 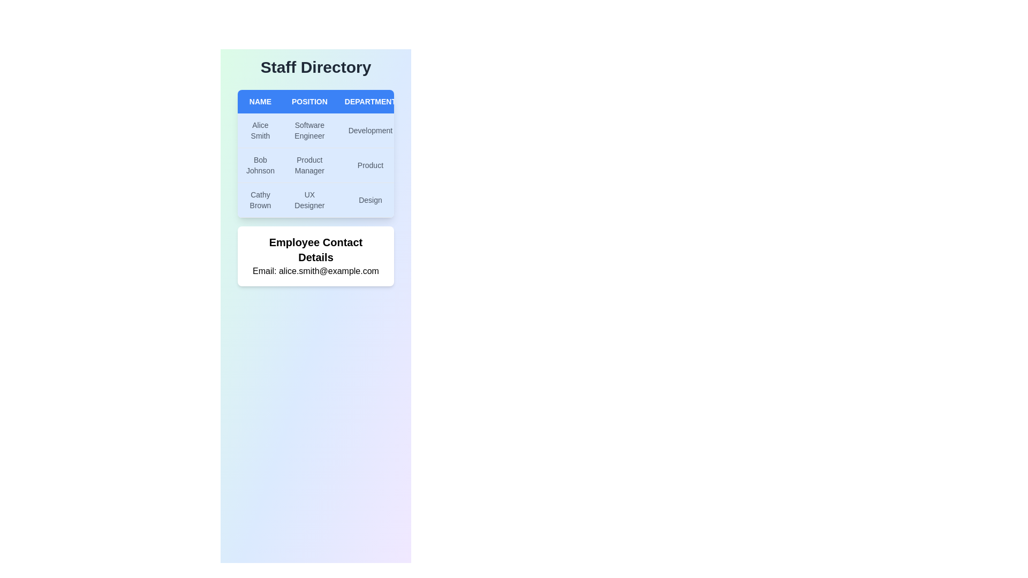 What do you see at coordinates (309, 200) in the screenshot?
I see `the static text element displaying 'UX Designer' located in the second column of the third row in the Staff Directory table` at bounding box center [309, 200].